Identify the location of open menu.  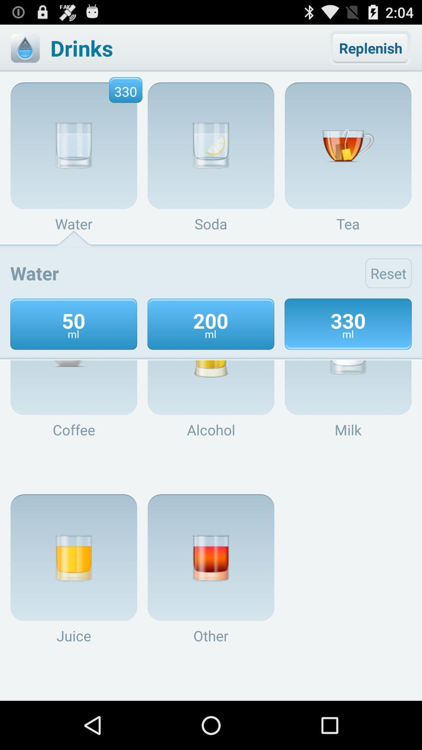
(25, 48).